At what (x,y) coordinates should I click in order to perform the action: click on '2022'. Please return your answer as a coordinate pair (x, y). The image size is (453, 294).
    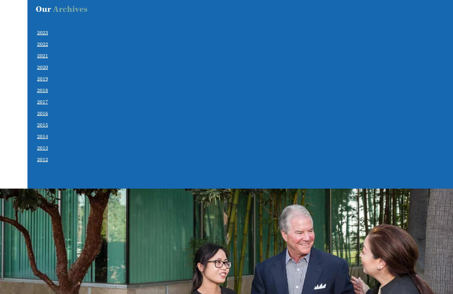
    Looking at the image, I should click on (42, 44).